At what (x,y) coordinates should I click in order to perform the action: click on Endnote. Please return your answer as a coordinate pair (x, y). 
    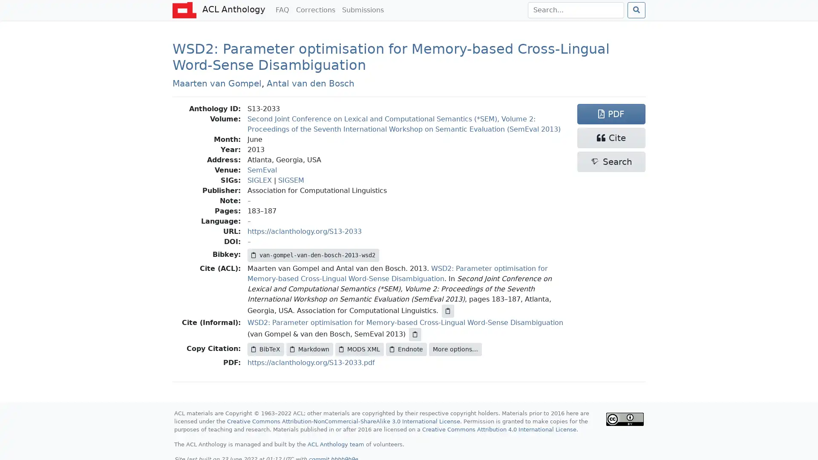
    Looking at the image, I should click on (406, 349).